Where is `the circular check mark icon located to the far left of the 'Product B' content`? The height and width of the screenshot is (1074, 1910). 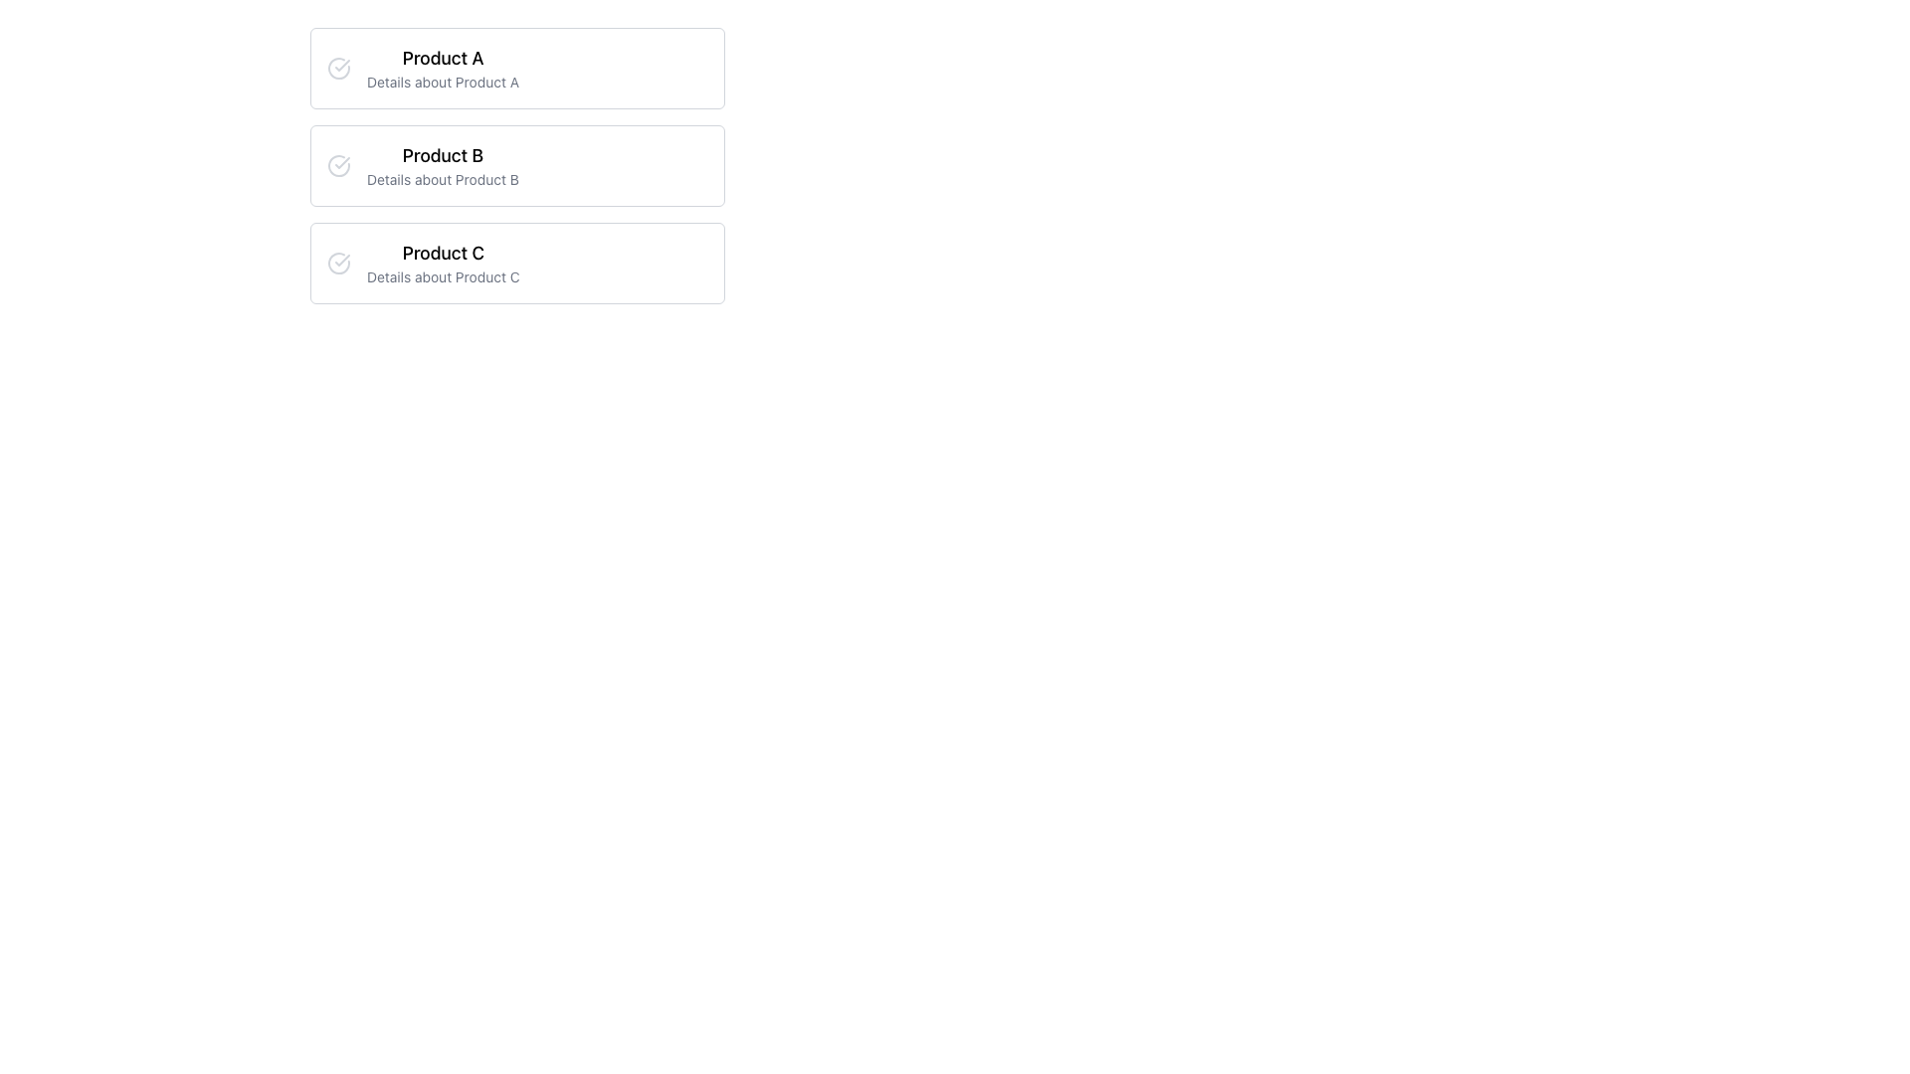
the circular check mark icon located to the far left of the 'Product B' content is located at coordinates (338, 164).